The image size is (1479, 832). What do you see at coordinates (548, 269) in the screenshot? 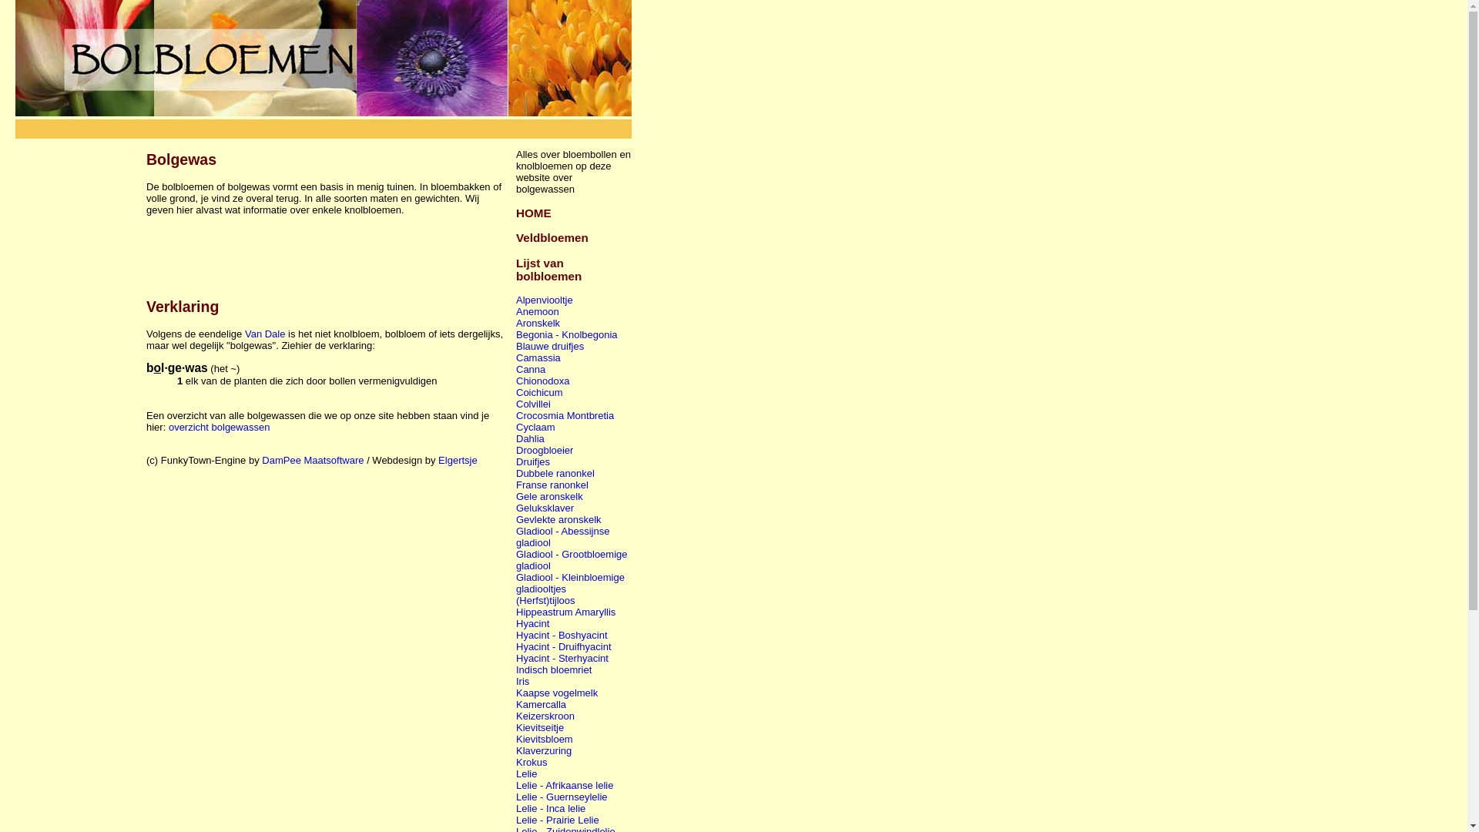
I see `'Lijst van bolbloemen'` at bounding box center [548, 269].